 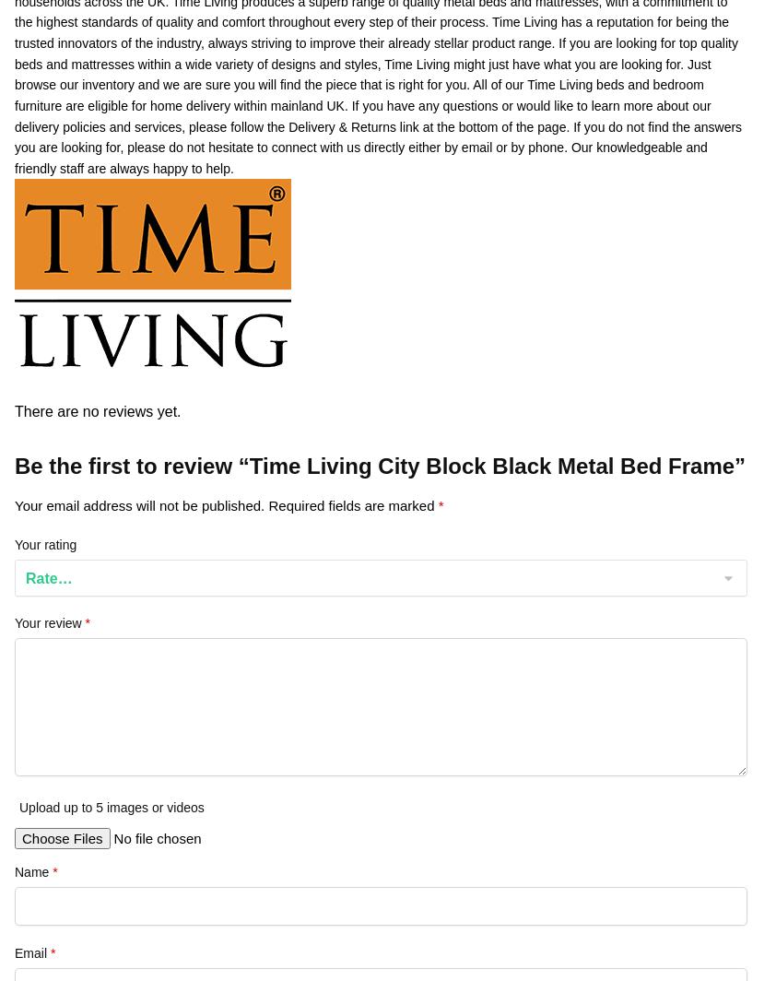 What do you see at coordinates (384, 115) in the screenshot?
I see `'5-10 Days (estimated)'` at bounding box center [384, 115].